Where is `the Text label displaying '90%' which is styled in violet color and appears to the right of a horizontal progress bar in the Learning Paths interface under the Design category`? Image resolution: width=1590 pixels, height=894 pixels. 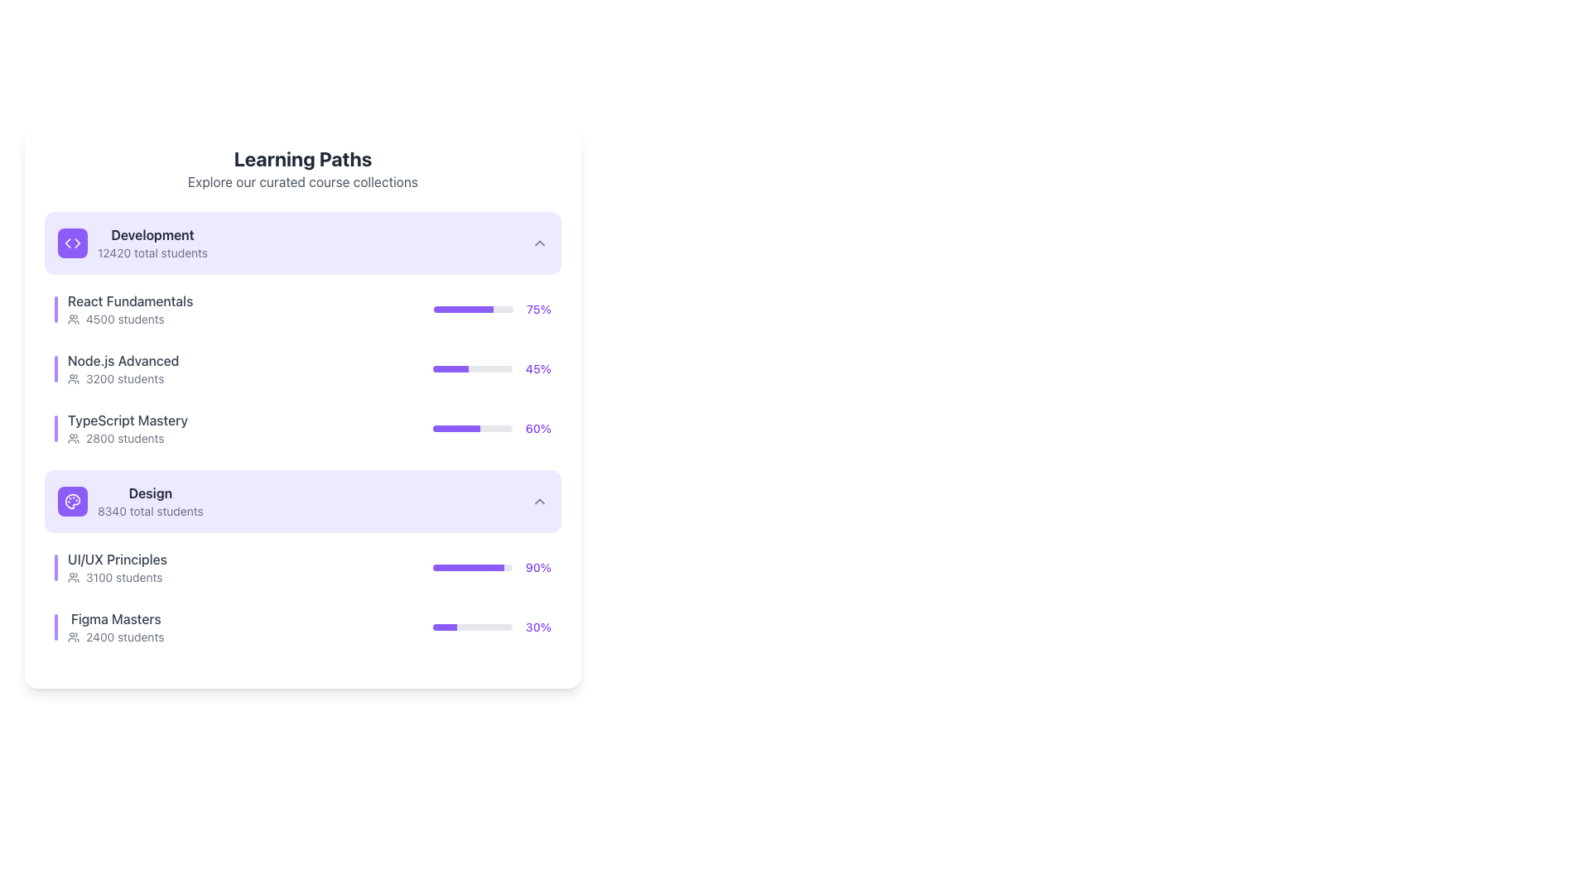 the Text label displaying '90%' which is styled in violet color and appears to the right of a horizontal progress bar in the Learning Paths interface under the Design category is located at coordinates (538, 567).